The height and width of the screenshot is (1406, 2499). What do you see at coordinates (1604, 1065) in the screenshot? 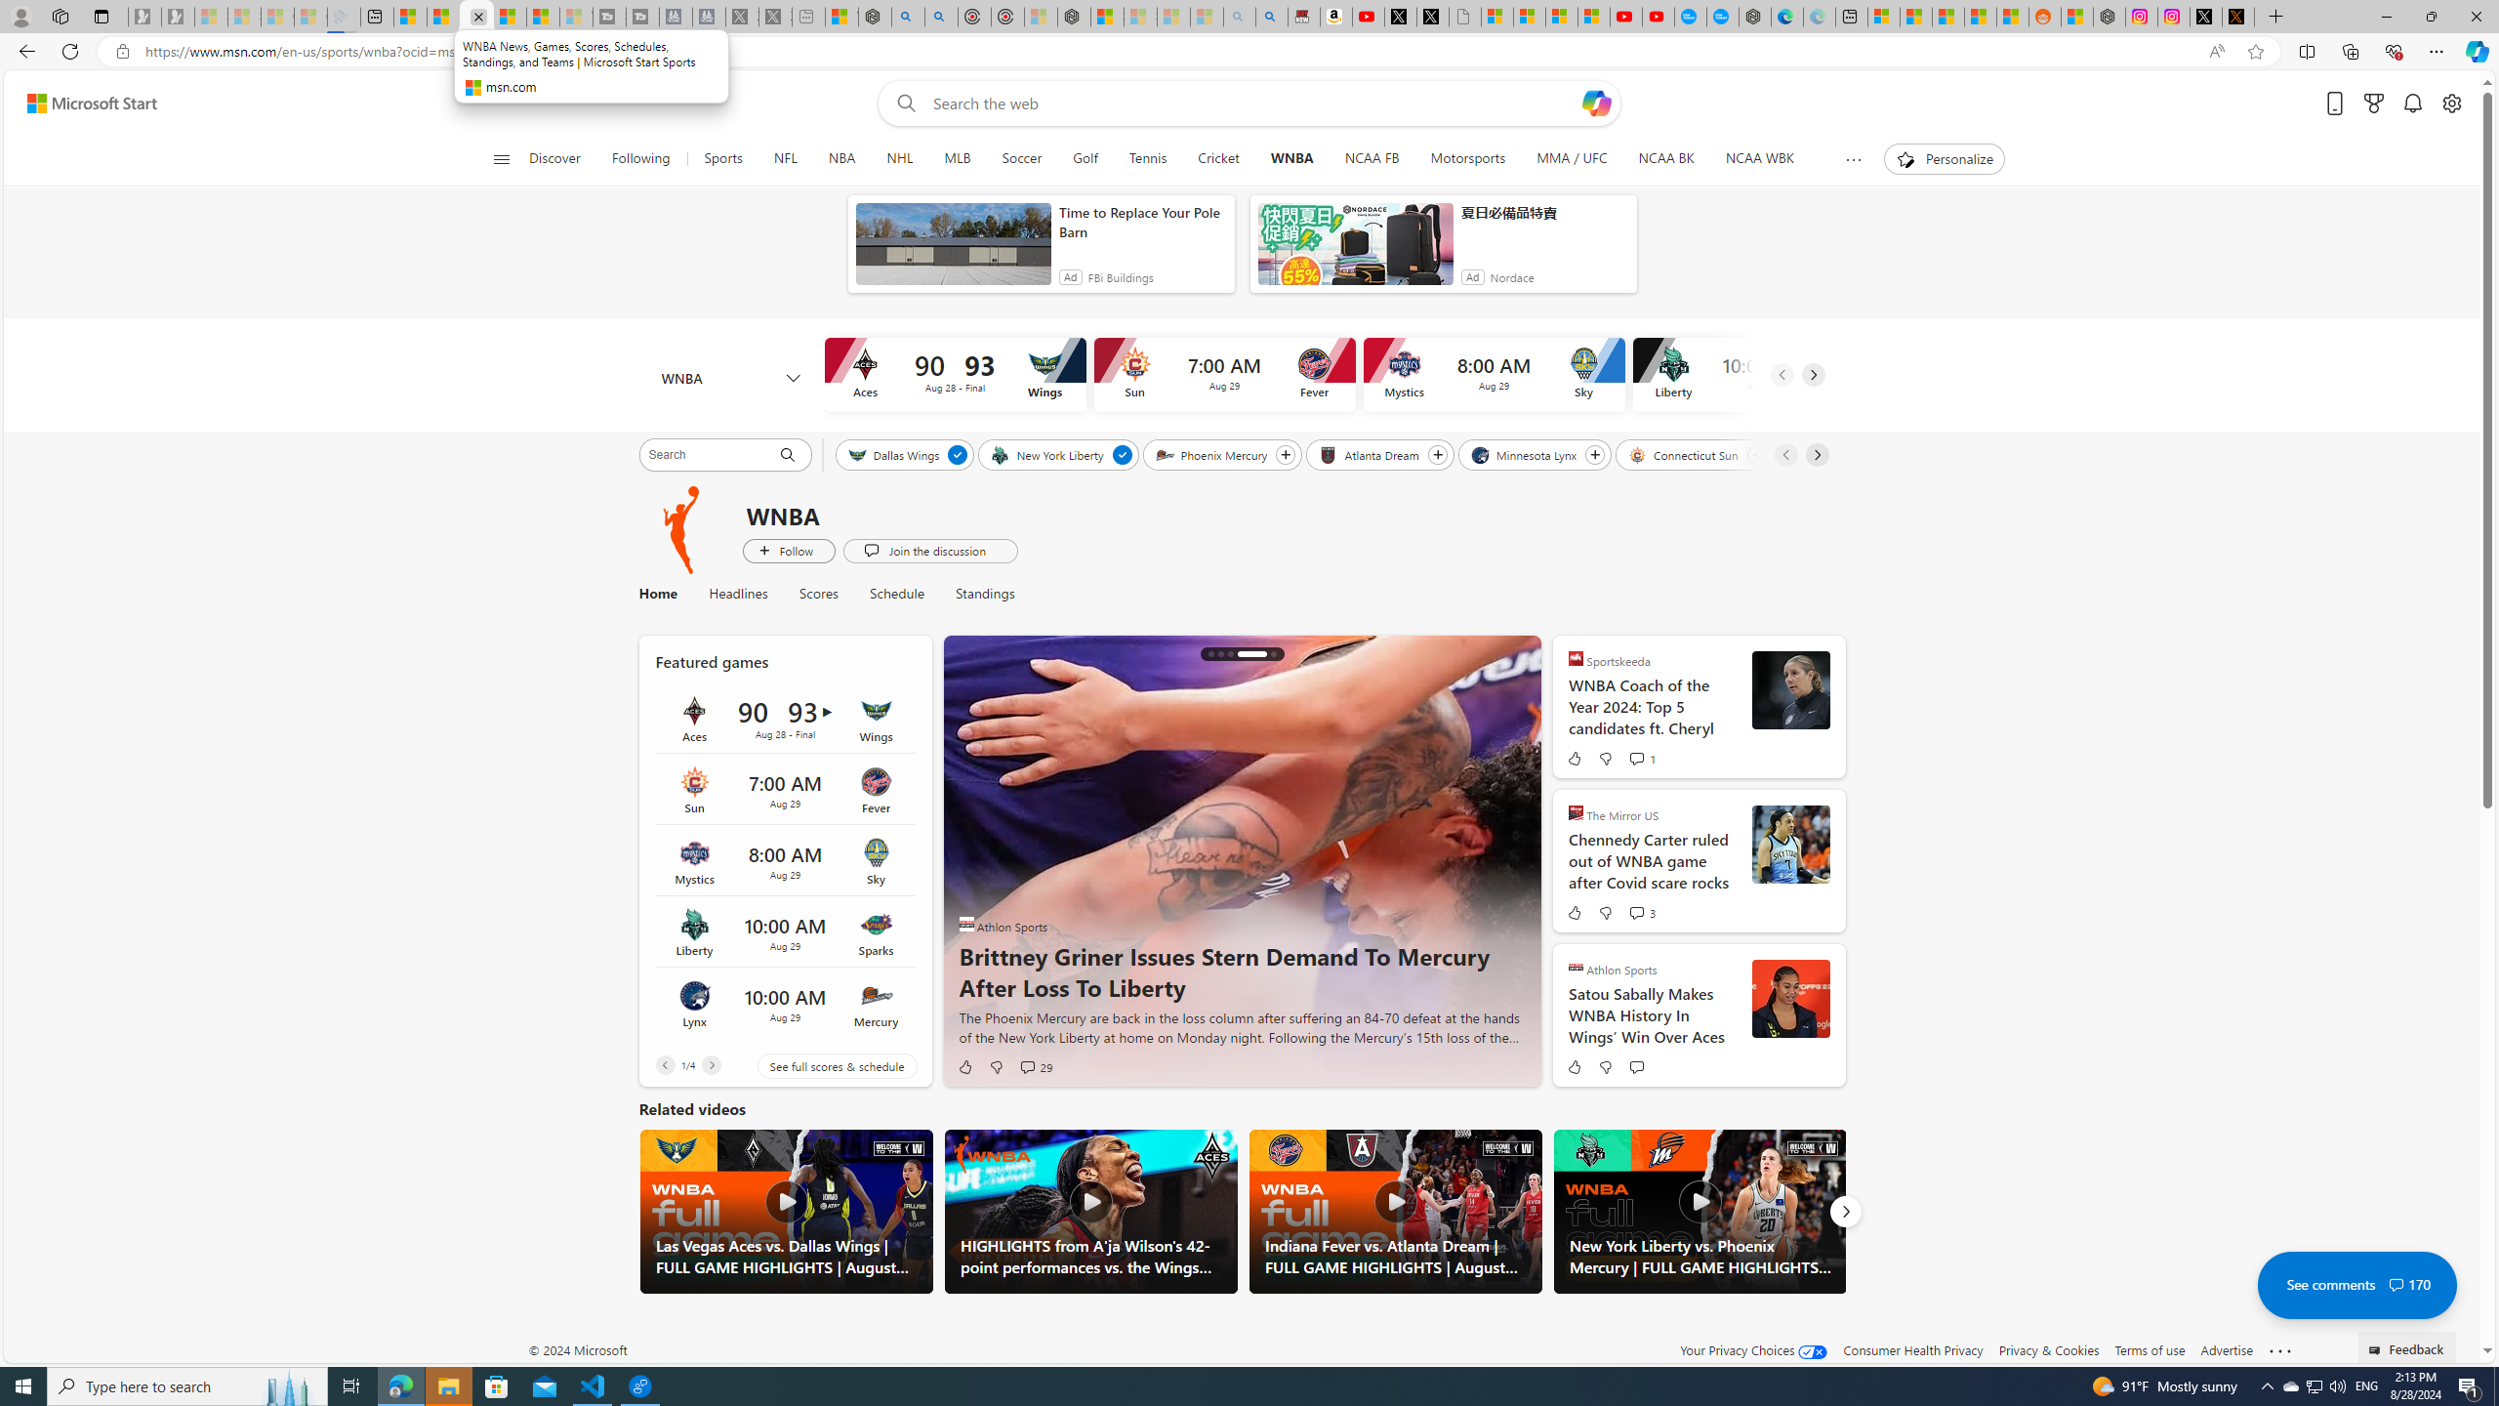
I see `'Dislike'` at bounding box center [1604, 1065].